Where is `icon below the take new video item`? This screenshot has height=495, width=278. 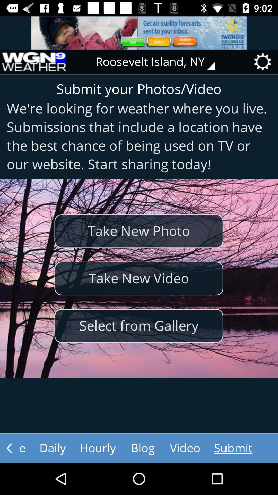 icon below the take new video item is located at coordinates (138, 326).